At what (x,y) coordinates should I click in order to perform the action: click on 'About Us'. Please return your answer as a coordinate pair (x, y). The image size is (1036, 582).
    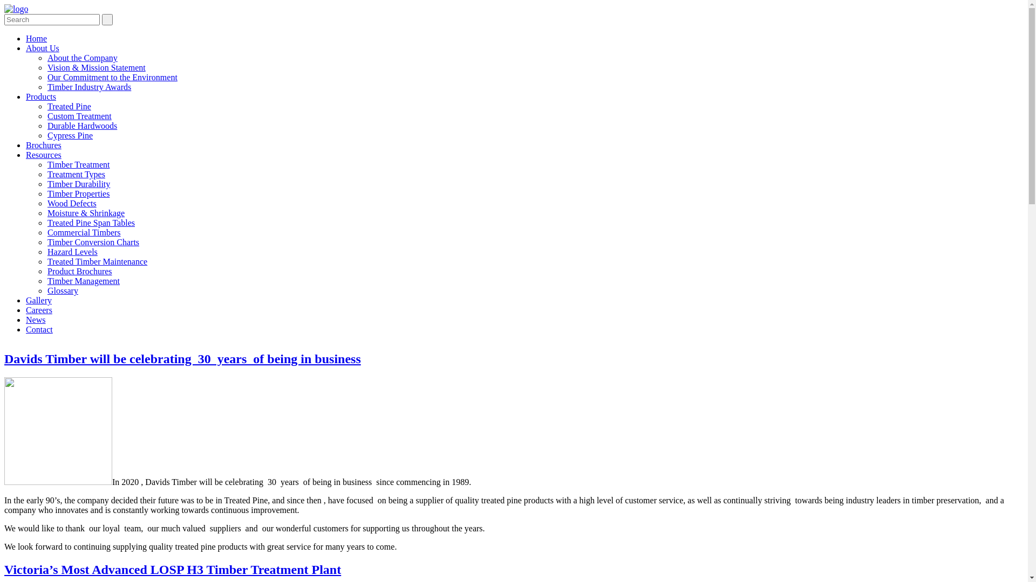
    Looking at the image, I should click on (42, 47).